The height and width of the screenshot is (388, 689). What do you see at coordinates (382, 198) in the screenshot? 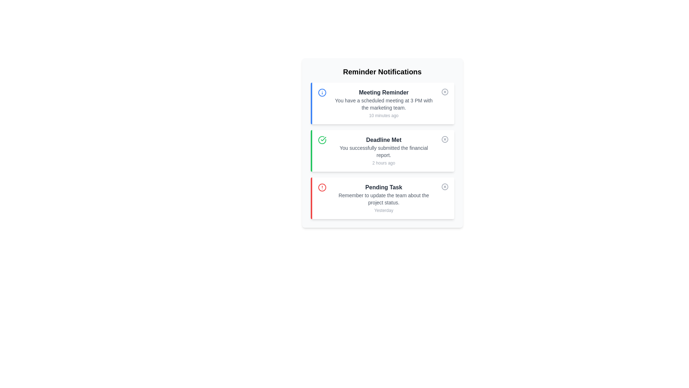
I see `the third notification card in the 'Reminder Notifications' section` at bounding box center [382, 198].